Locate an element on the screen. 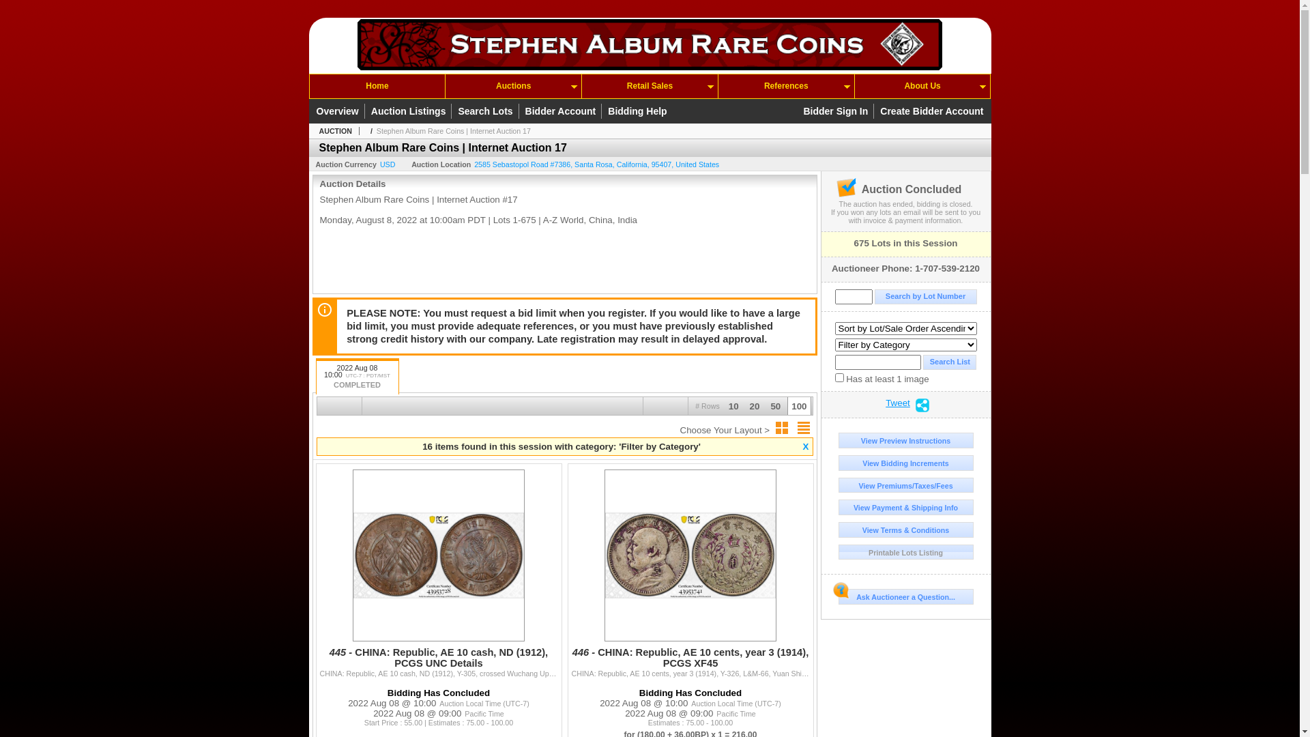  '2022 Aug 08 is located at coordinates (357, 376).